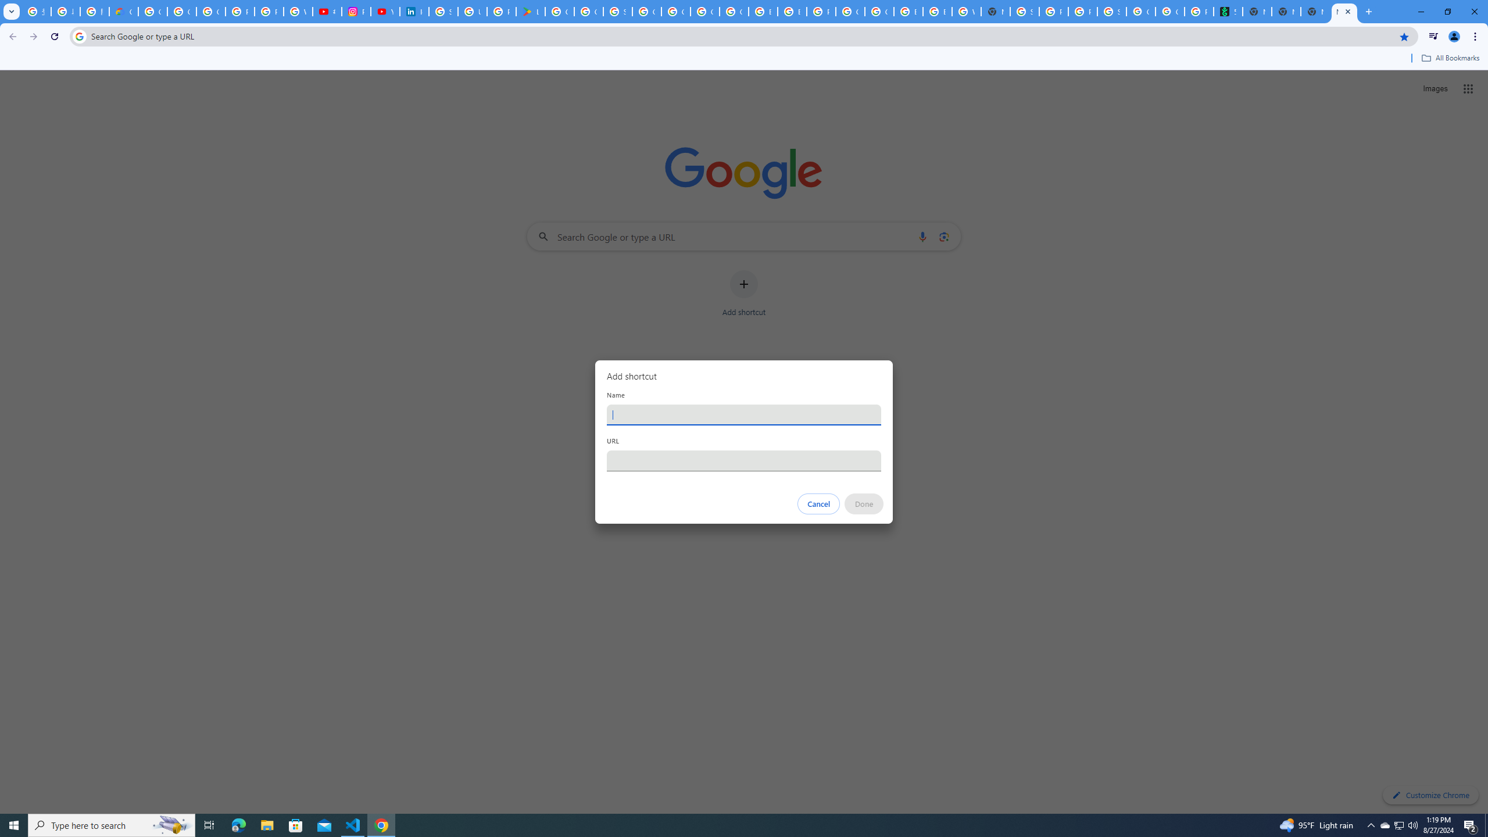  I want to click on 'URL', so click(744, 460).